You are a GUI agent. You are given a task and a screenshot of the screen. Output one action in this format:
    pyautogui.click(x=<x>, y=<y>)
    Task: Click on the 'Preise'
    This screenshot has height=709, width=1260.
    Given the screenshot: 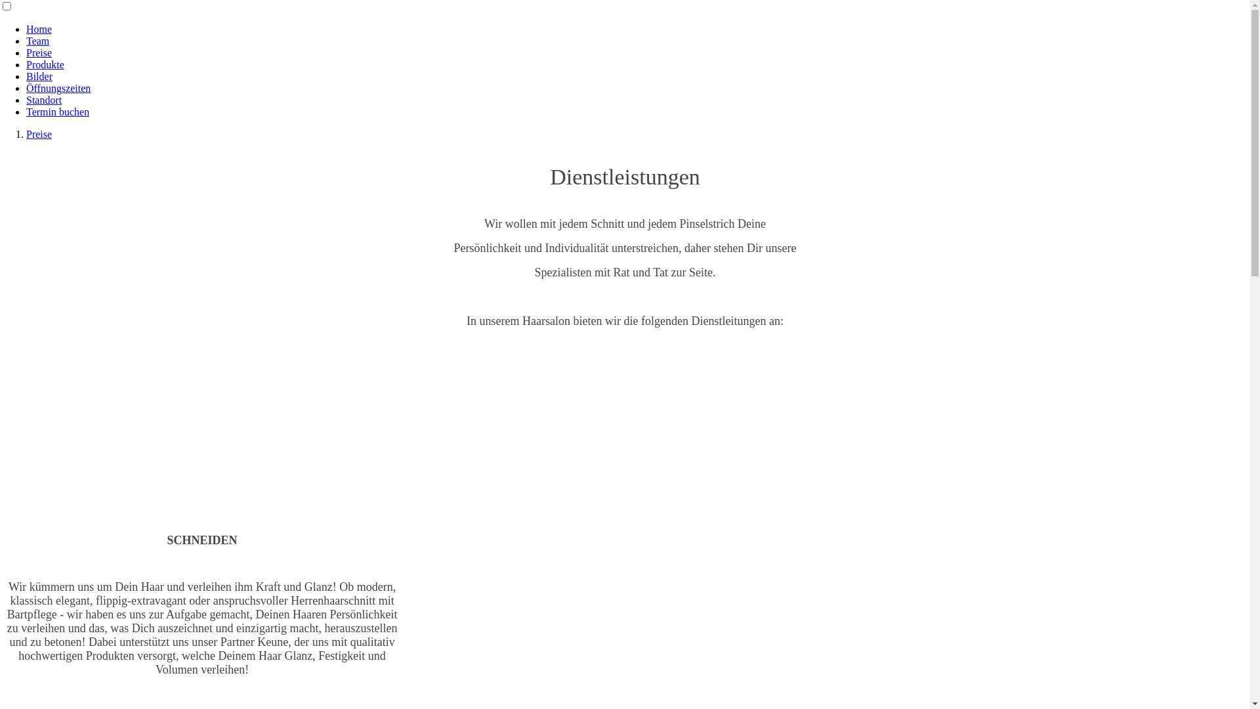 What is the action you would take?
    pyautogui.click(x=39, y=134)
    